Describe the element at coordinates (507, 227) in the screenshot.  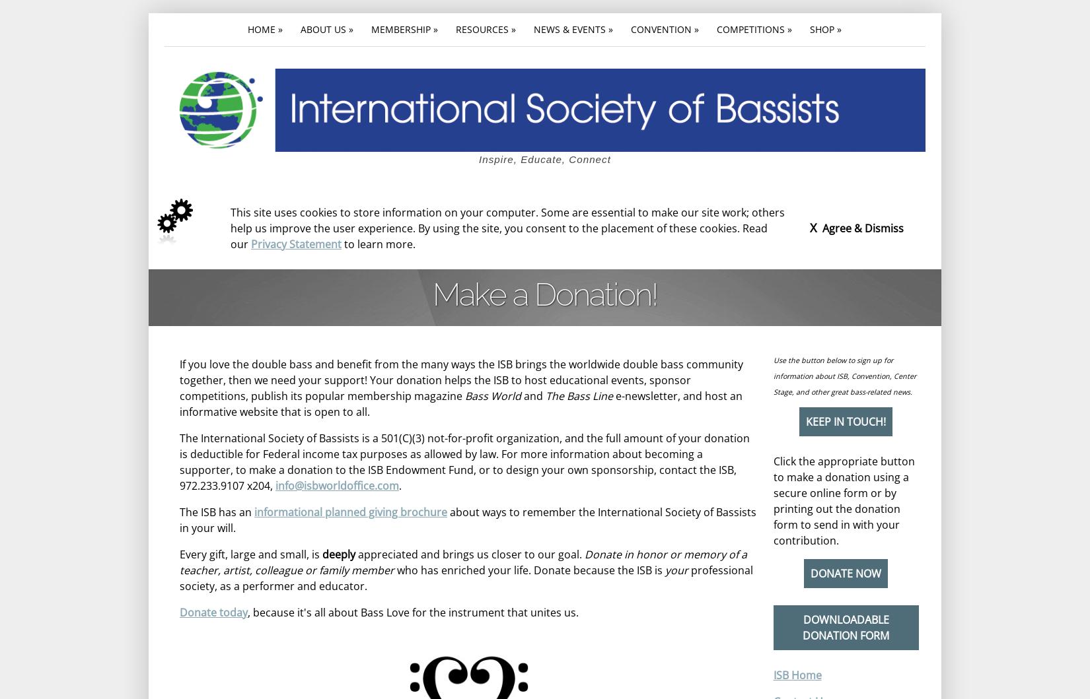
I see `'This site uses cookies to store information on your computer. Some are essential to make our site work; others help us improve the user experience. By using the site, you consent to the placement of these cookies. Read our'` at that location.